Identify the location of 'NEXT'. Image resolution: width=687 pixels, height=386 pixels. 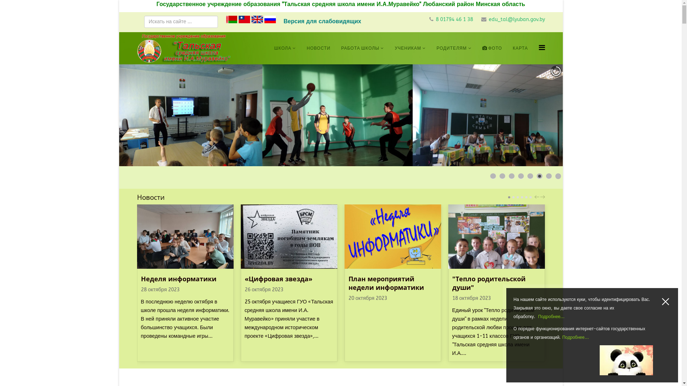
(542, 197).